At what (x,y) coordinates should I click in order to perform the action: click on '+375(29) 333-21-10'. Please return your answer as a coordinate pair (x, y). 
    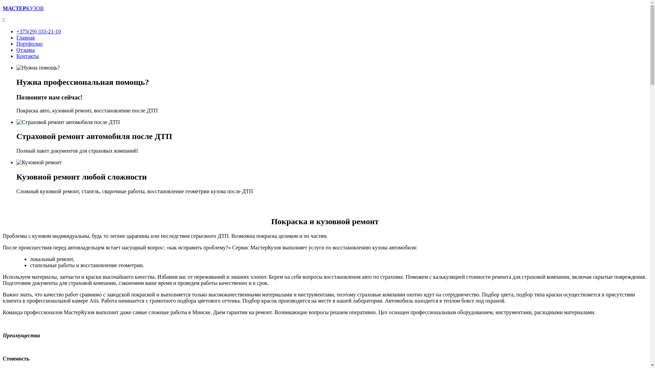
    Looking at the image, I should click on (38, 31).